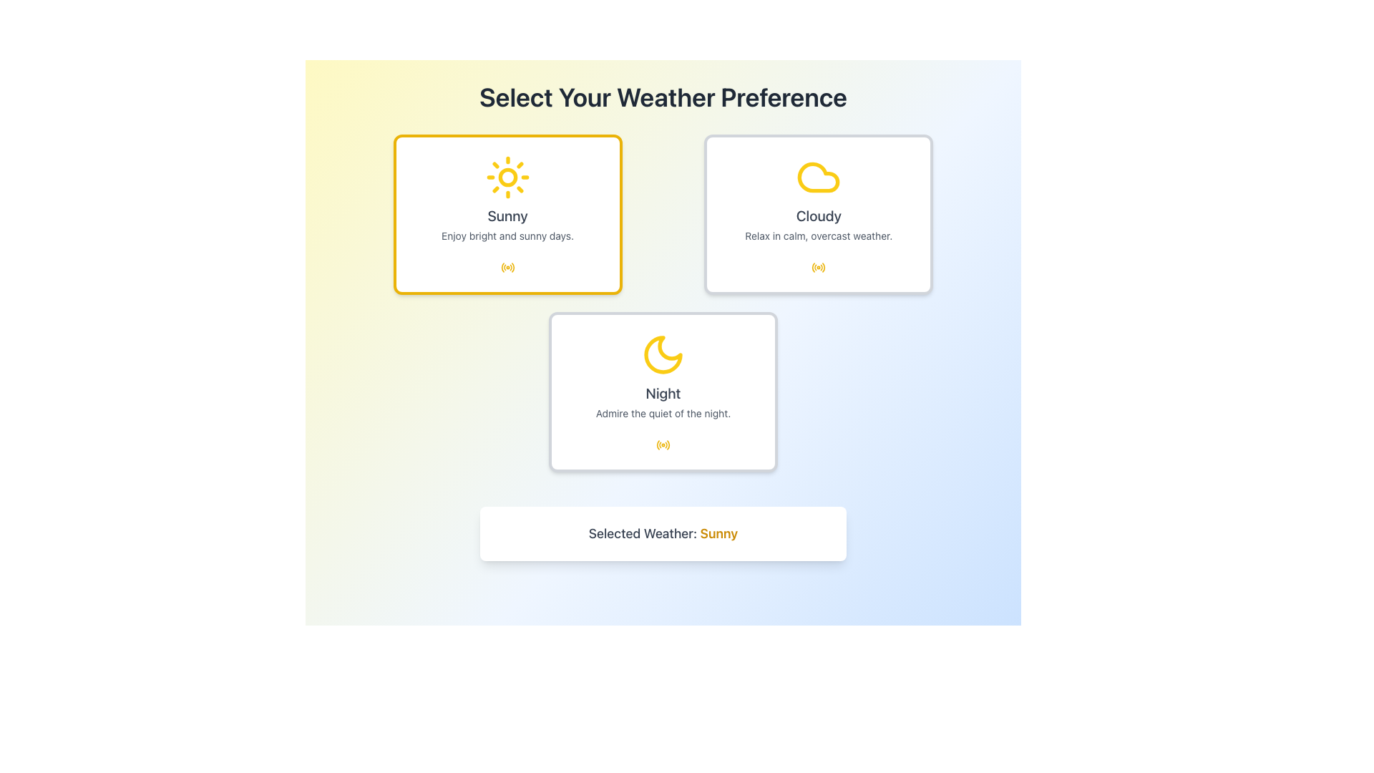 This screenshot has width=1374, height=773. I want to click on the heading element that introduces and describes the purpose of the interface for selecting weather preferences, so click(662, 97).